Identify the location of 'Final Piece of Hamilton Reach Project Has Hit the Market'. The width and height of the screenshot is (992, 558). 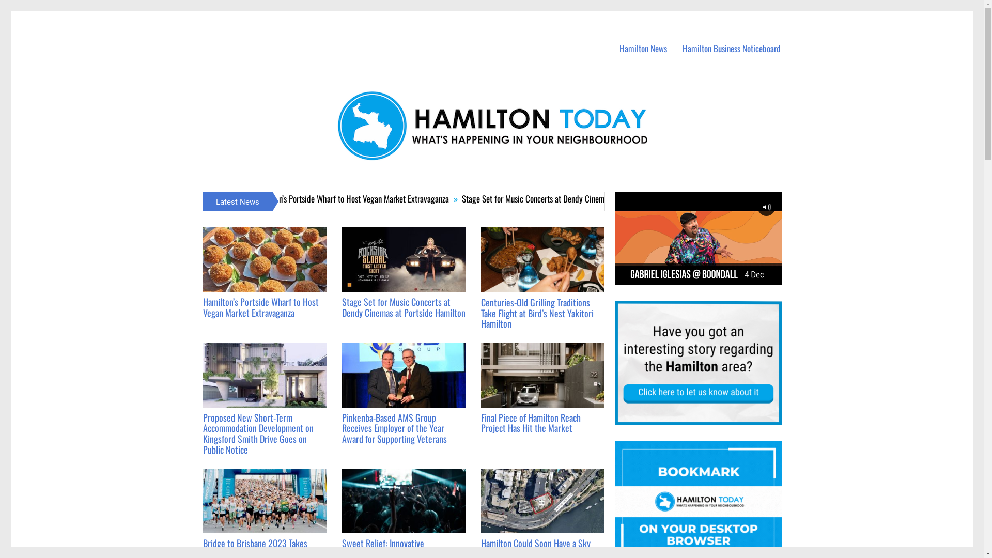
(531, 422).